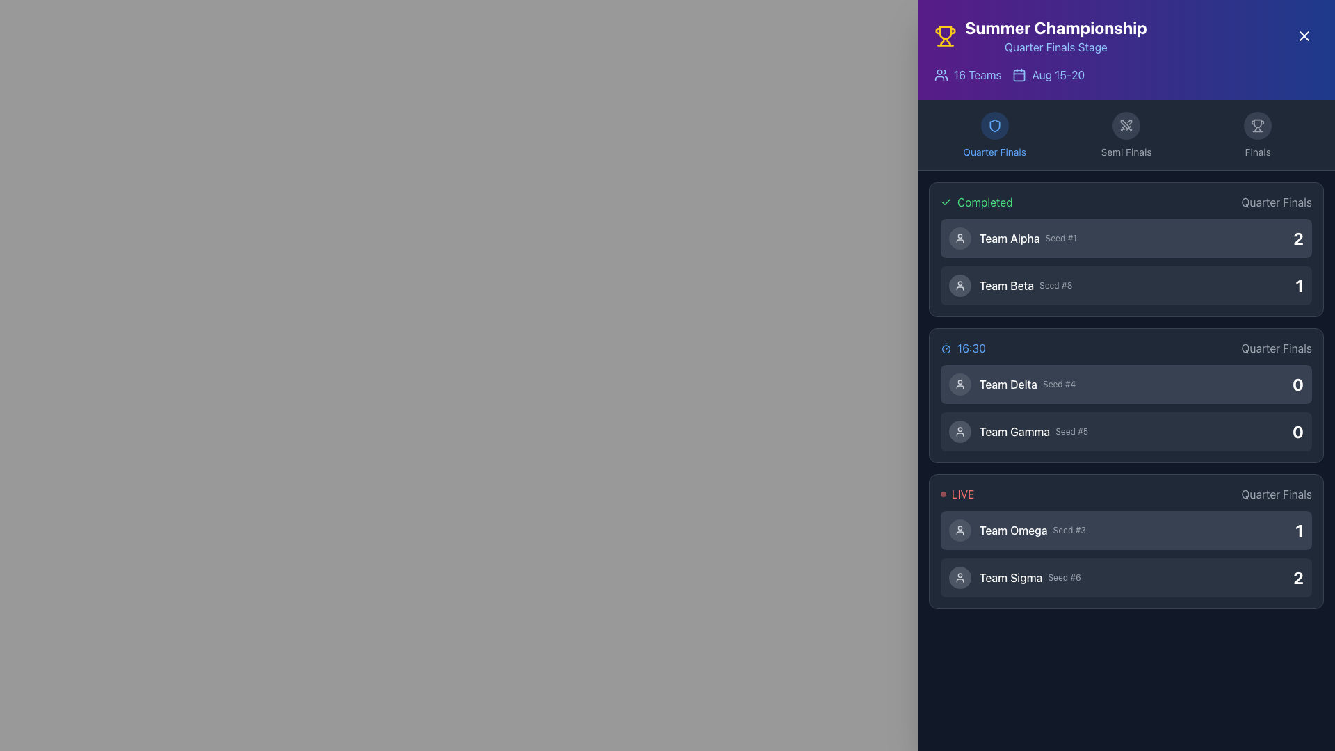 The width and height of the screenshot is (1335, 751). What do you see at coordinates (1258, 152) in the screenshot?
I see `the text label 'Finals', which is the third tab option in a horizontal navigation bar with a dark background` at bounding box center [1258, 152].